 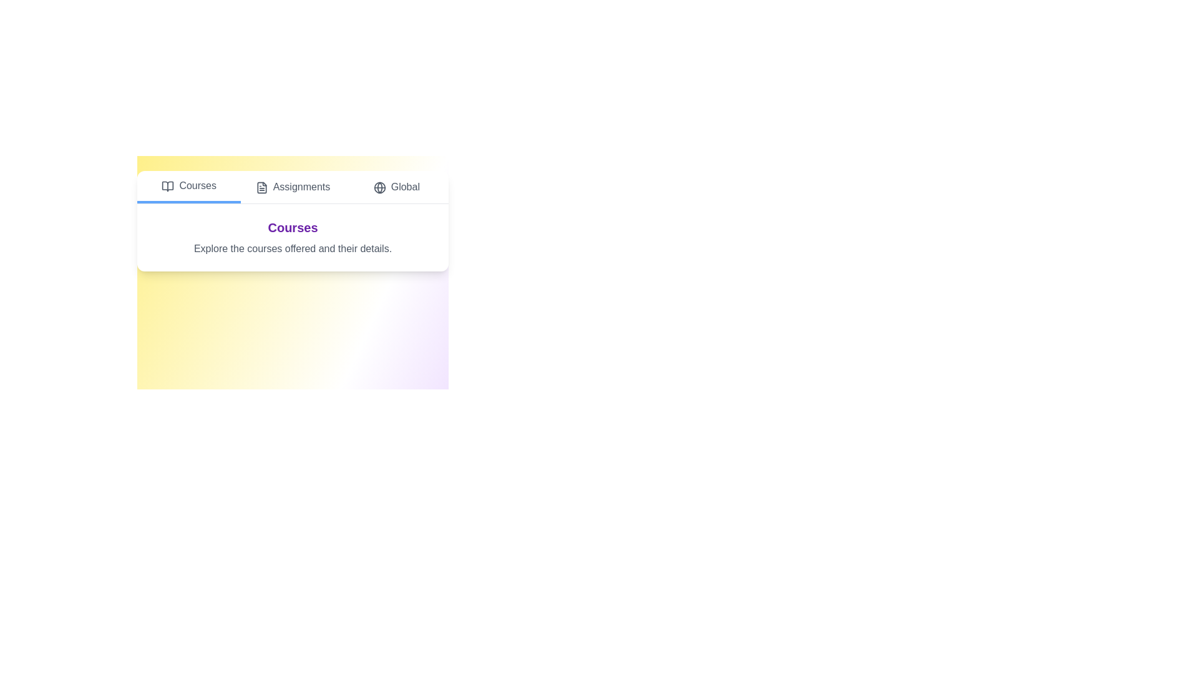 I want to click on the tab labeled 'Courses' to observe its hover effect, so click(x=188, y=187).